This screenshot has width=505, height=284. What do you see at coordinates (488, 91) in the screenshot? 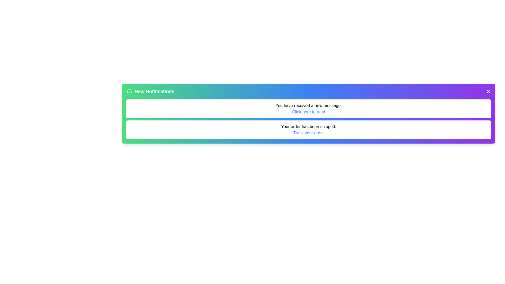
I see `the line segment of the 'X' icon in the top-right corner of the notification bar` at bounding box center [488, 91].